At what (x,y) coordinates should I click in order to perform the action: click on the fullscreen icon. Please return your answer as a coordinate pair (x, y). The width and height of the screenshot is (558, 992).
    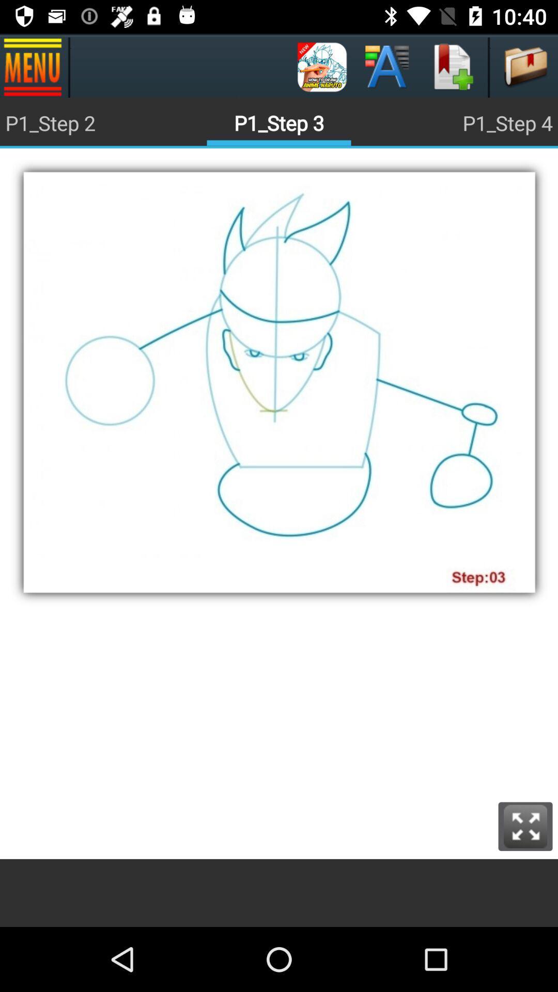
    Looking at the image, I should click on (525, 826).